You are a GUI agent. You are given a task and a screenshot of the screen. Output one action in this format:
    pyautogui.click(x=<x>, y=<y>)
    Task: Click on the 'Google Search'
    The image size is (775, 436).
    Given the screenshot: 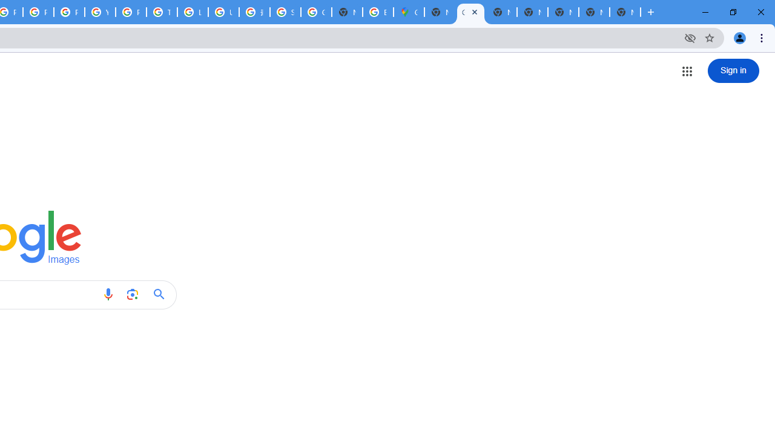 What is the action you would take?
    pyautogui.click(x=162, y=294)
    